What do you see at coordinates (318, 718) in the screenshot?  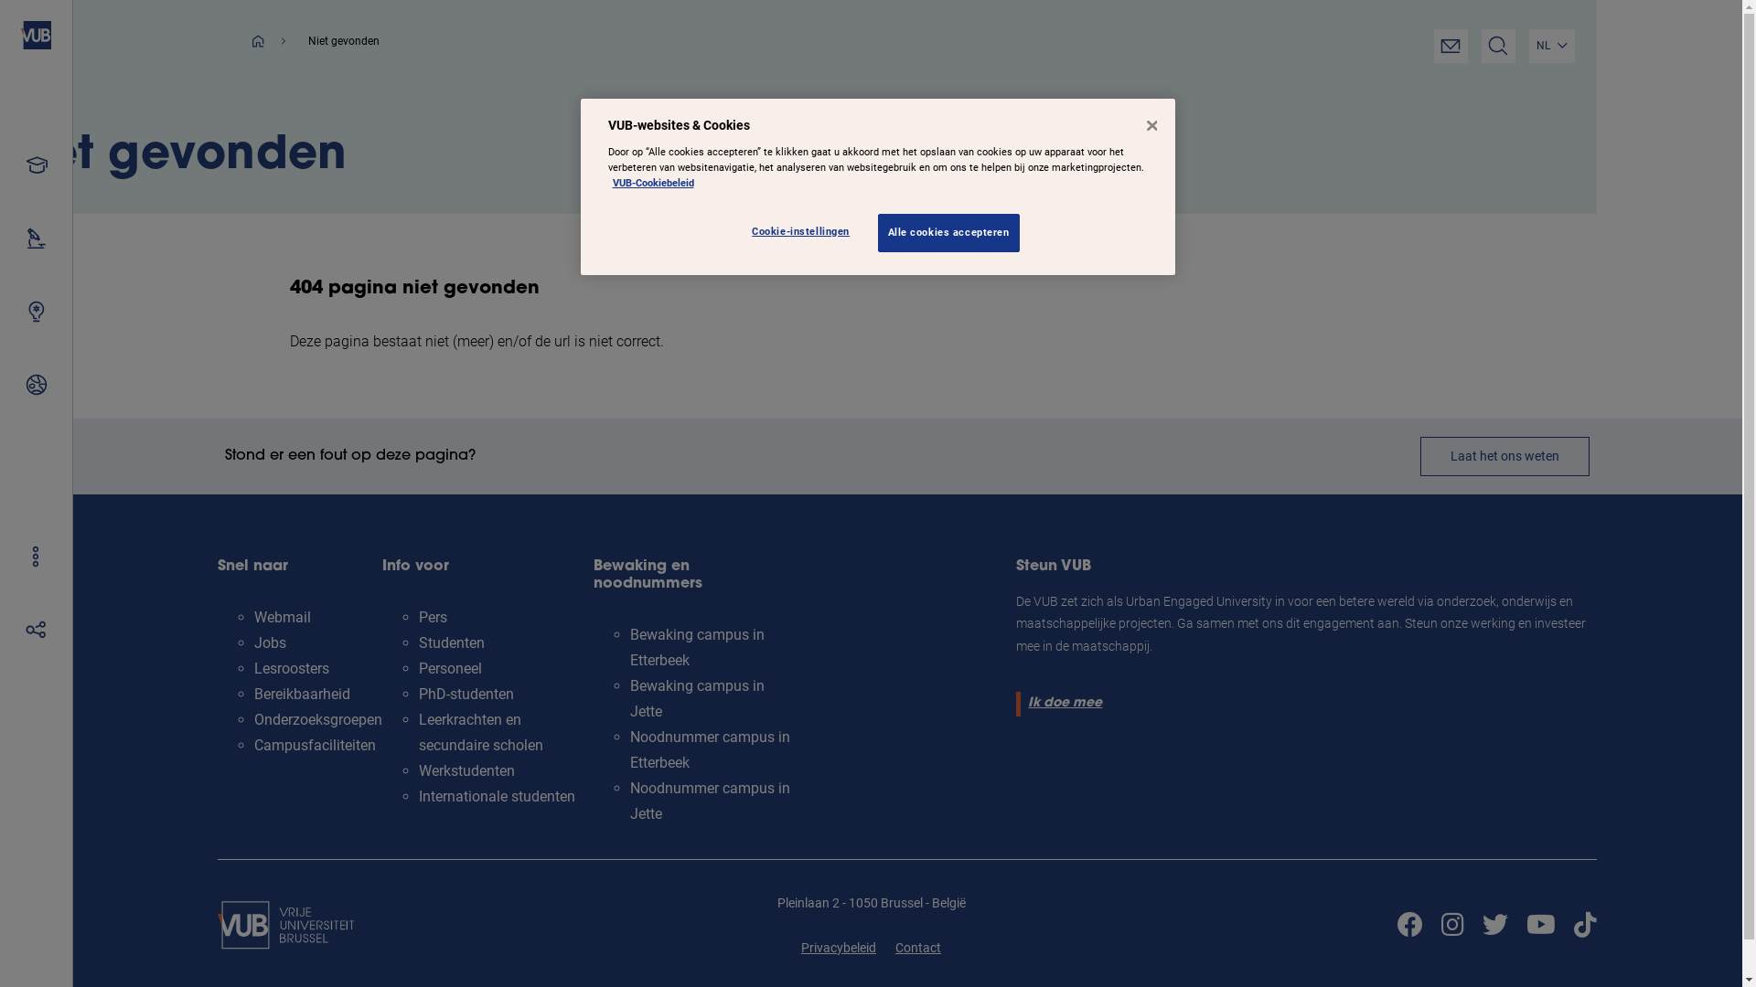 I see `'Onderzoeksgroepen'` at bounding box center [318, 718].